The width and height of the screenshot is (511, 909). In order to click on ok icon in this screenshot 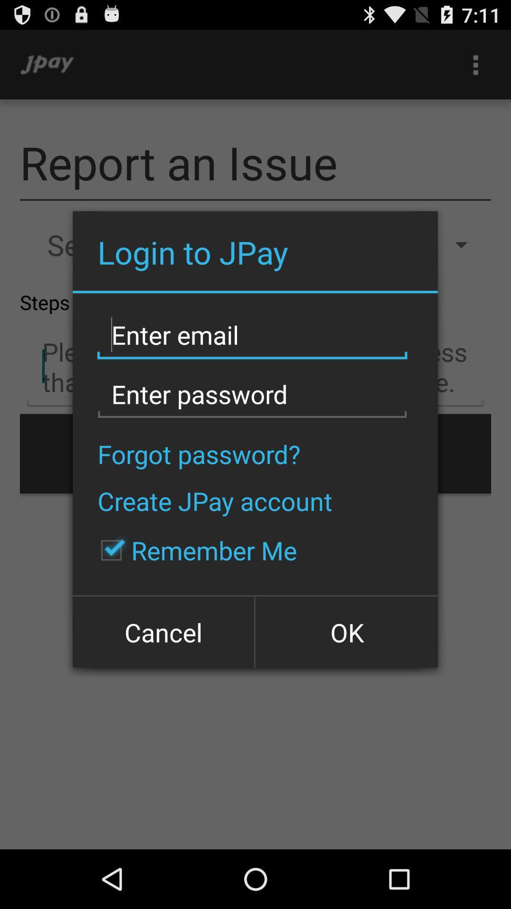, I will do `click(346, 631)`.